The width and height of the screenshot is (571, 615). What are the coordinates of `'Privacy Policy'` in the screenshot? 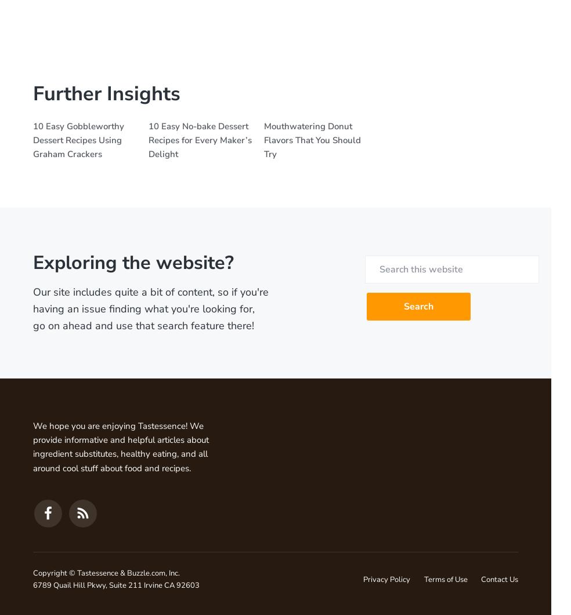 It's located at (386, 578).